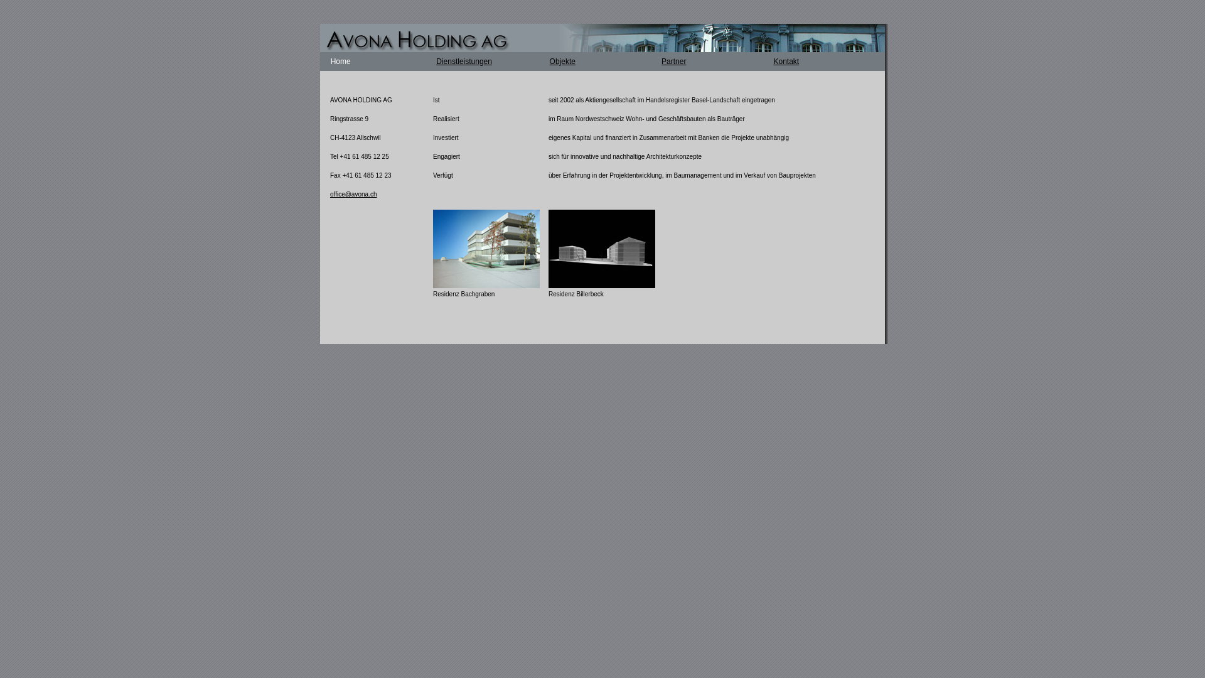  I want to click on 'Objekte', so click(562, 61).